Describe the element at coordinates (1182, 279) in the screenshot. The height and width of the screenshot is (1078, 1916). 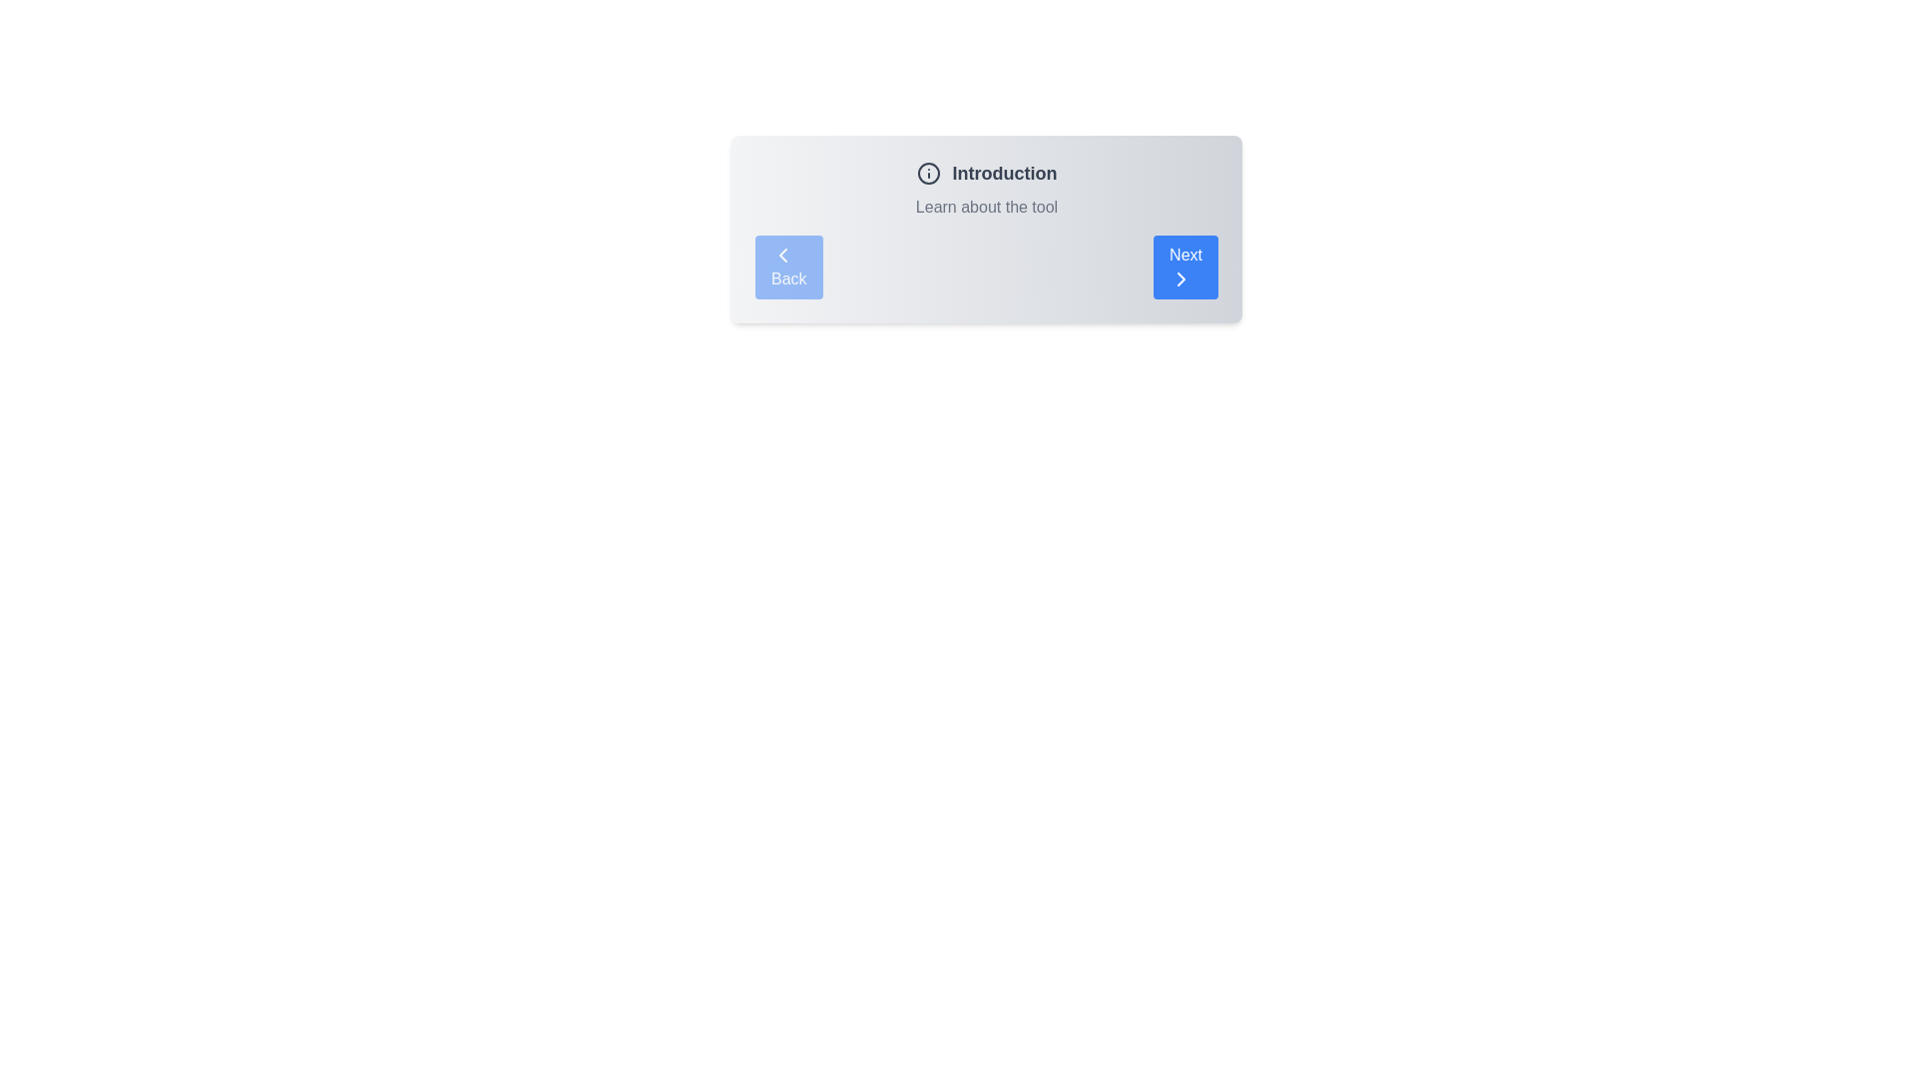
I see `the rightward chevron icon located inside the 'Next' button on the panel, which indicates it leads to the next step when clicked` at that location.